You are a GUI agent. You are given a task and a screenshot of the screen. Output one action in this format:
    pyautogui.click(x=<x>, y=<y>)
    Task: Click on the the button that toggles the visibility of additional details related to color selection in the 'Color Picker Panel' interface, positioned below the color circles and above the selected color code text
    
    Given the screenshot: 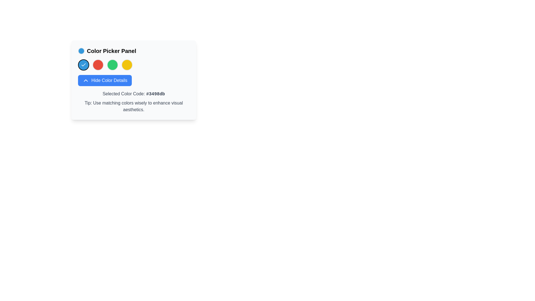 What is the action you would take?
    pyautogui.click(x=105, y=81)
    